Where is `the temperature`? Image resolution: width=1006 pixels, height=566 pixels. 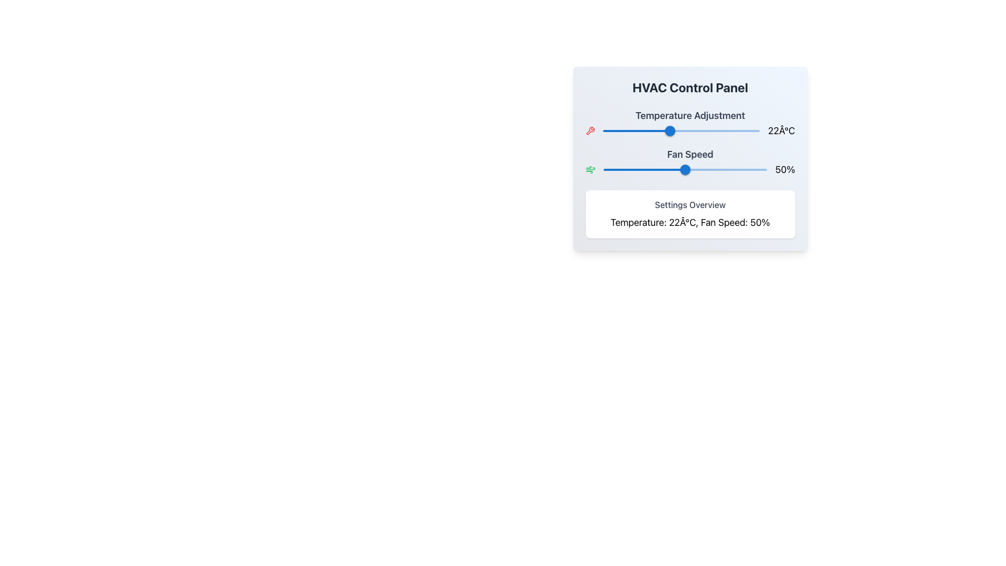
the temperature is located at coordinates (611, 130).